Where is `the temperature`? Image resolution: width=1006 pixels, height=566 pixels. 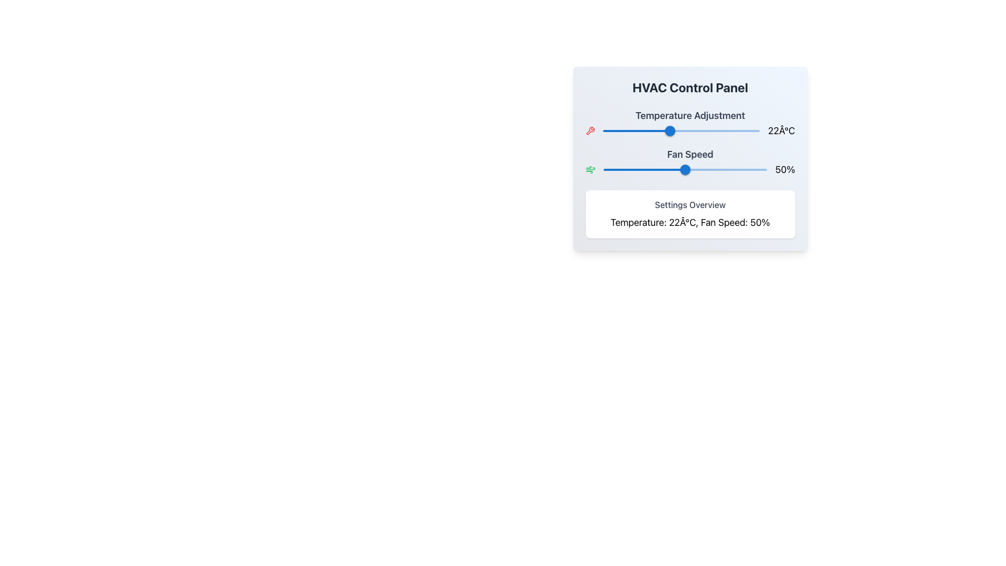
the temperature is located at coordinates (611, 130).